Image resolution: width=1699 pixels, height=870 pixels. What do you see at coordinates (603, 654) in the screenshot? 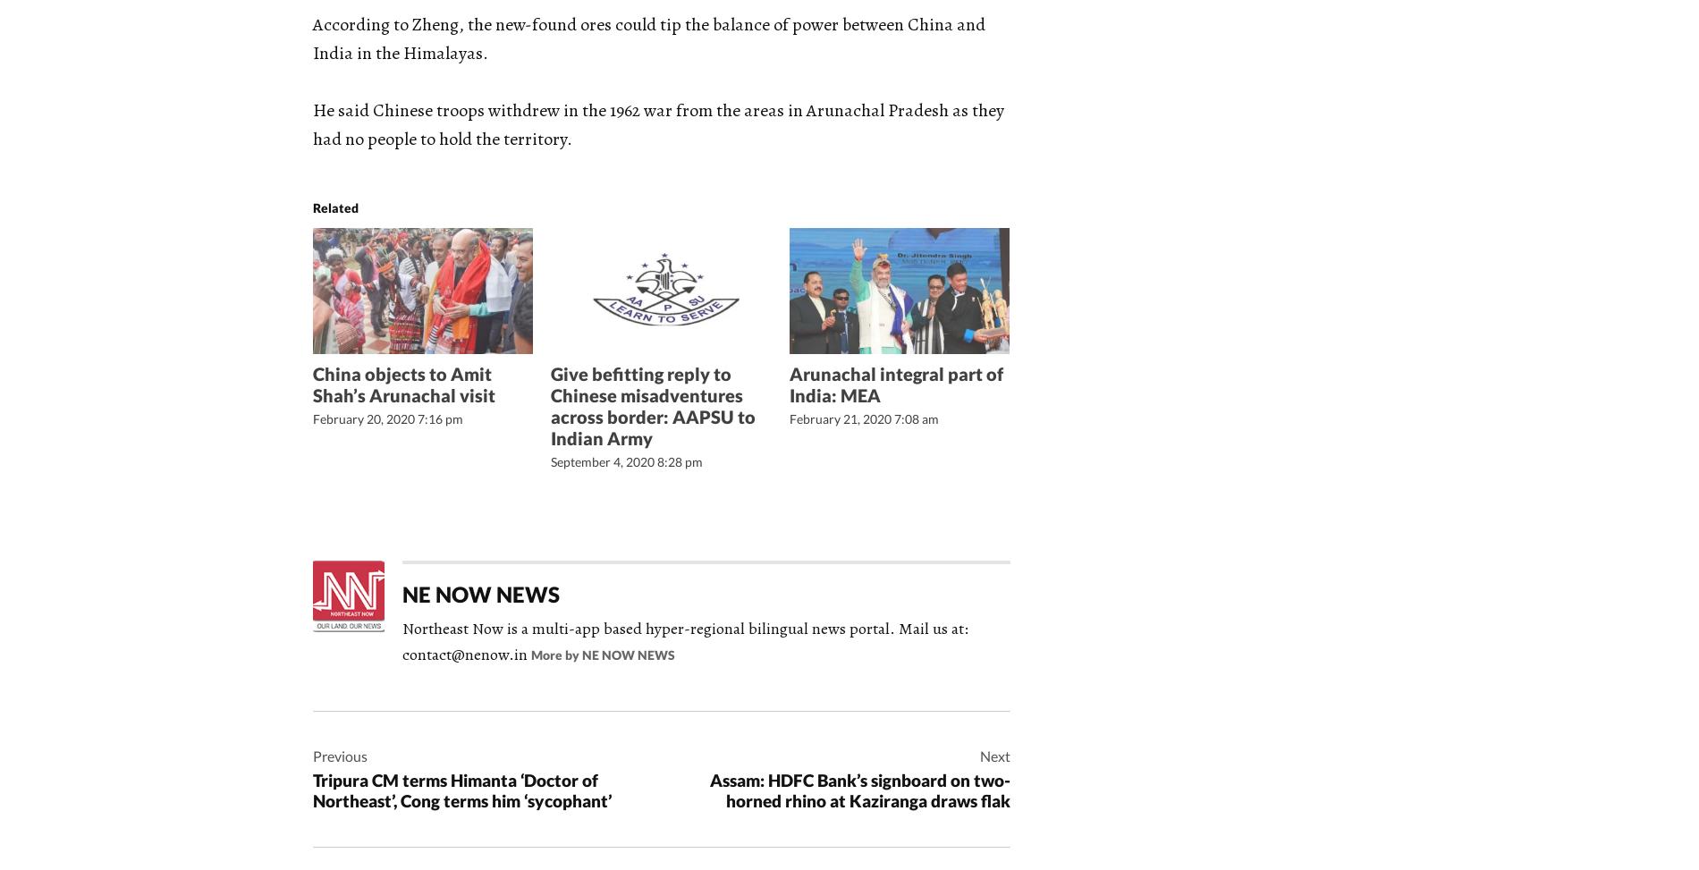
I see `'More by NE NOW NEWS'` at bounding box center [603, 654].